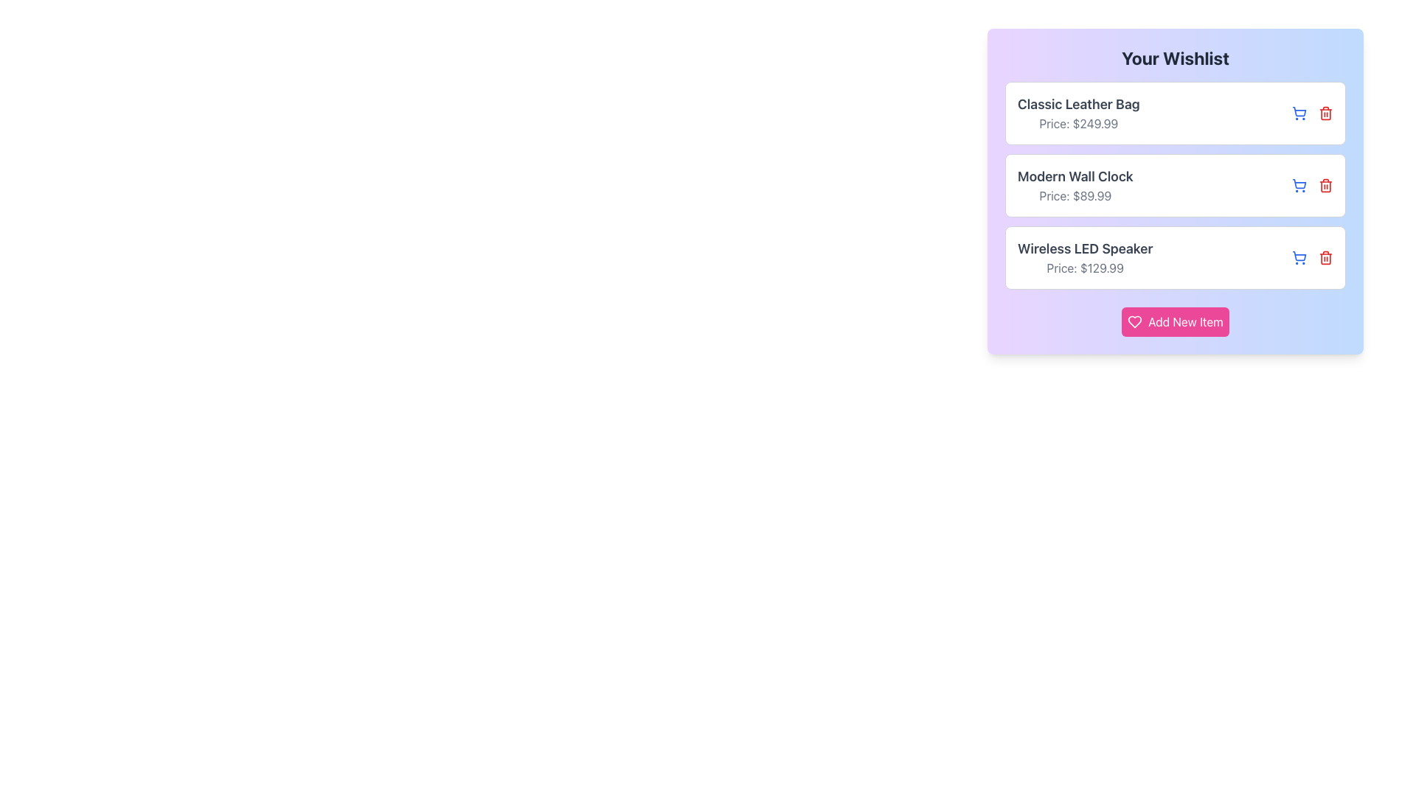 Image resolution: width=1416 pixels, height=796 pixels. What do you see at coordinates (1075, 184) in the screenshot?
I see `the text element displaying 'Modern Wall Clock' with its price '$89.99' in the second card of the 'Your Wishlist' section` at bounding box center [1075, 184].